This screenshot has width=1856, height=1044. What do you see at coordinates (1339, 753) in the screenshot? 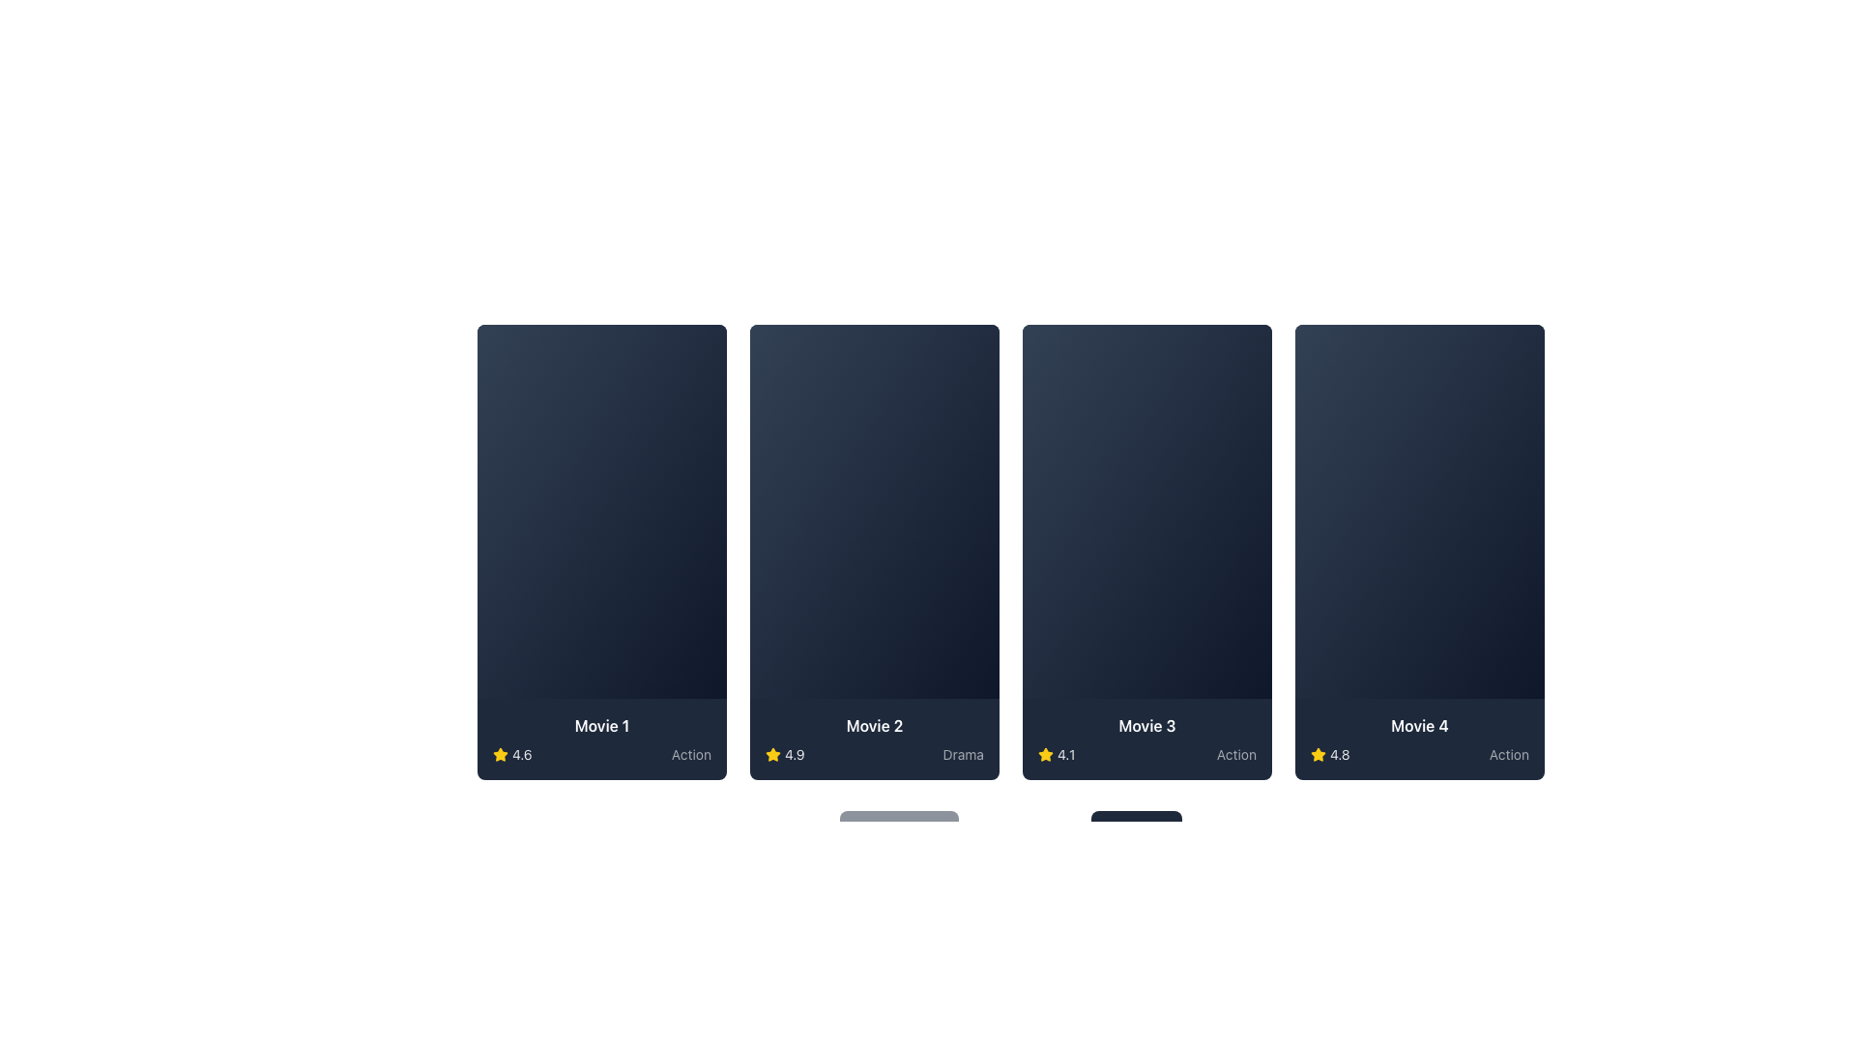
I see `text label indicating the numerical rating for the associated movie, located in the Movie 4 section to the right of the yellow star icon` at bounding box center [1339, 753].